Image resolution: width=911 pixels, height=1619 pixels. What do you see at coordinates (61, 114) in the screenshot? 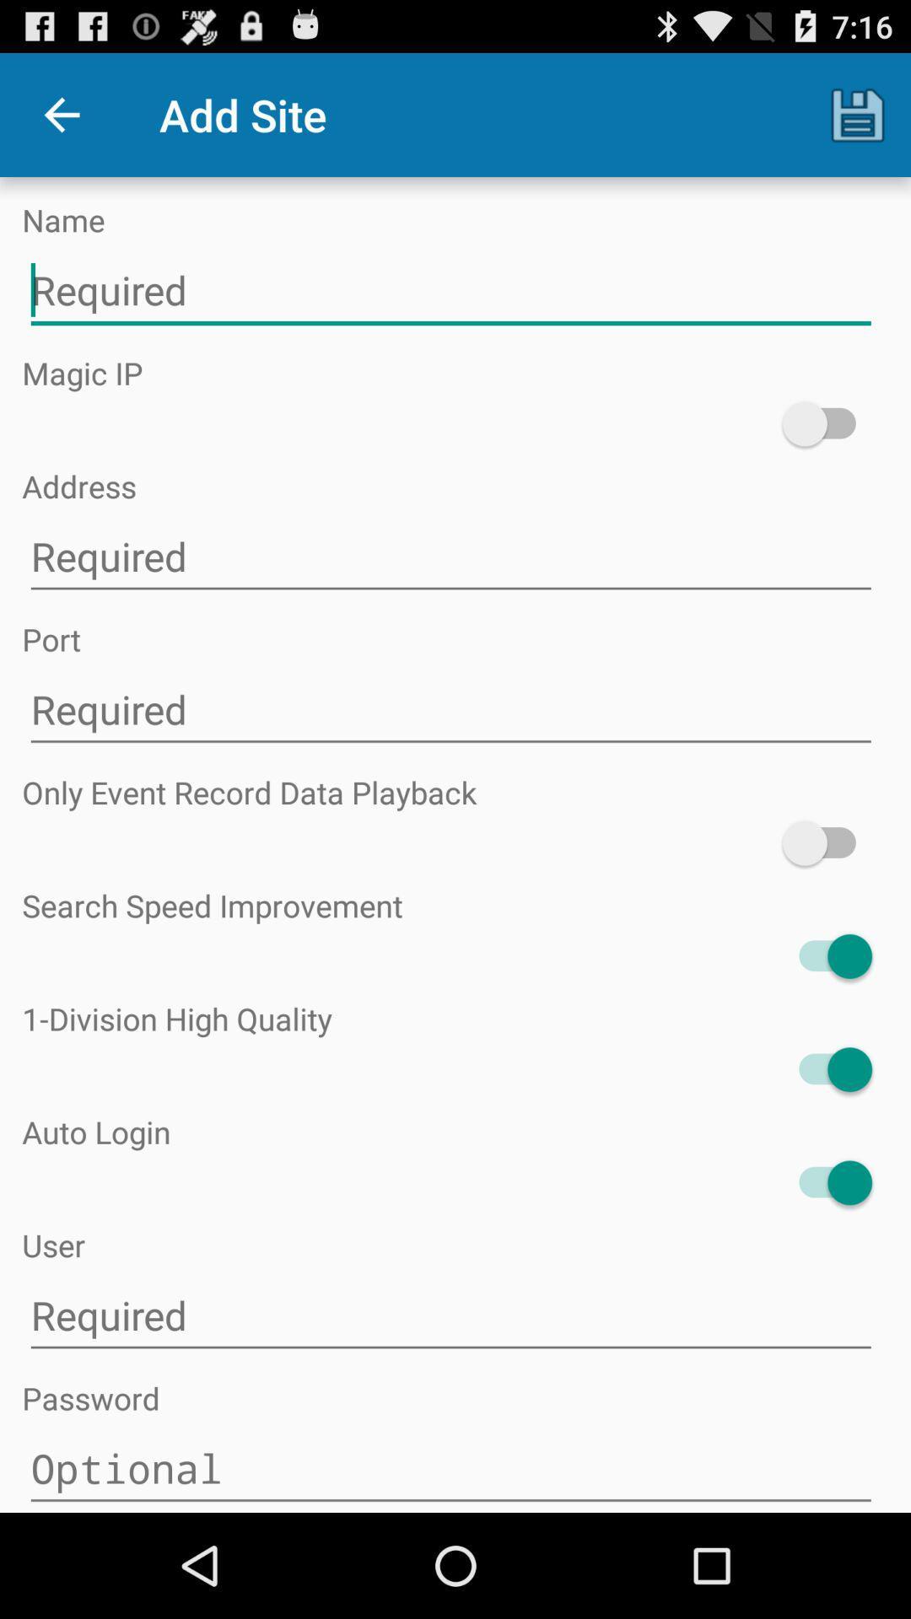
I see `item above the name icon` at bounding box center [61, 114].